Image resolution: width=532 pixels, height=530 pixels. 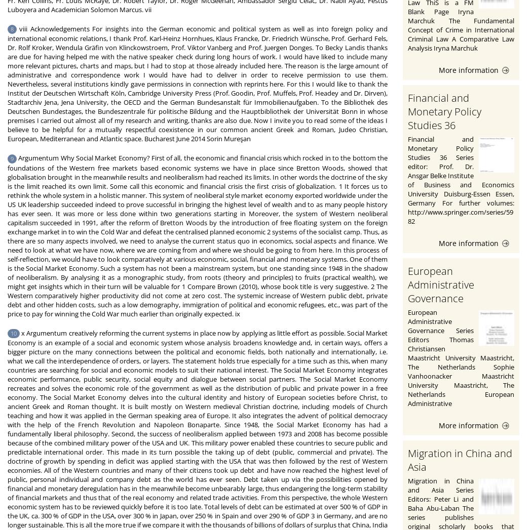 What do you see at coordinates (407, 180) in the screenshot?
I see `'Financial and Monetary Policy Studies 36 Series editor: Prof. Dr. Ansgar Belke Institute of Business and Economics University Duisburg-Essen Essen, Germany For further volumes: http://www.springer.com/series/5982'` at bounding box center [407, 180].